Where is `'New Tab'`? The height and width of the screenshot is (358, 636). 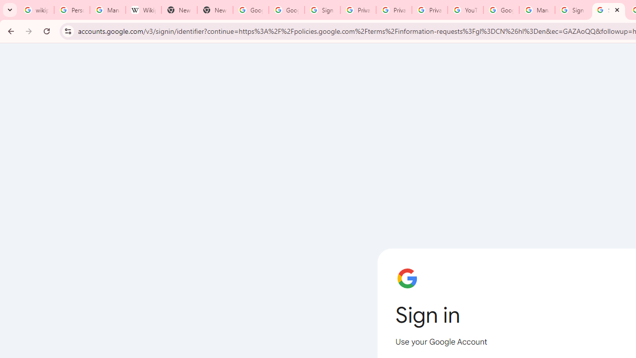
'New Tab' is located at coordinates (214, 10).